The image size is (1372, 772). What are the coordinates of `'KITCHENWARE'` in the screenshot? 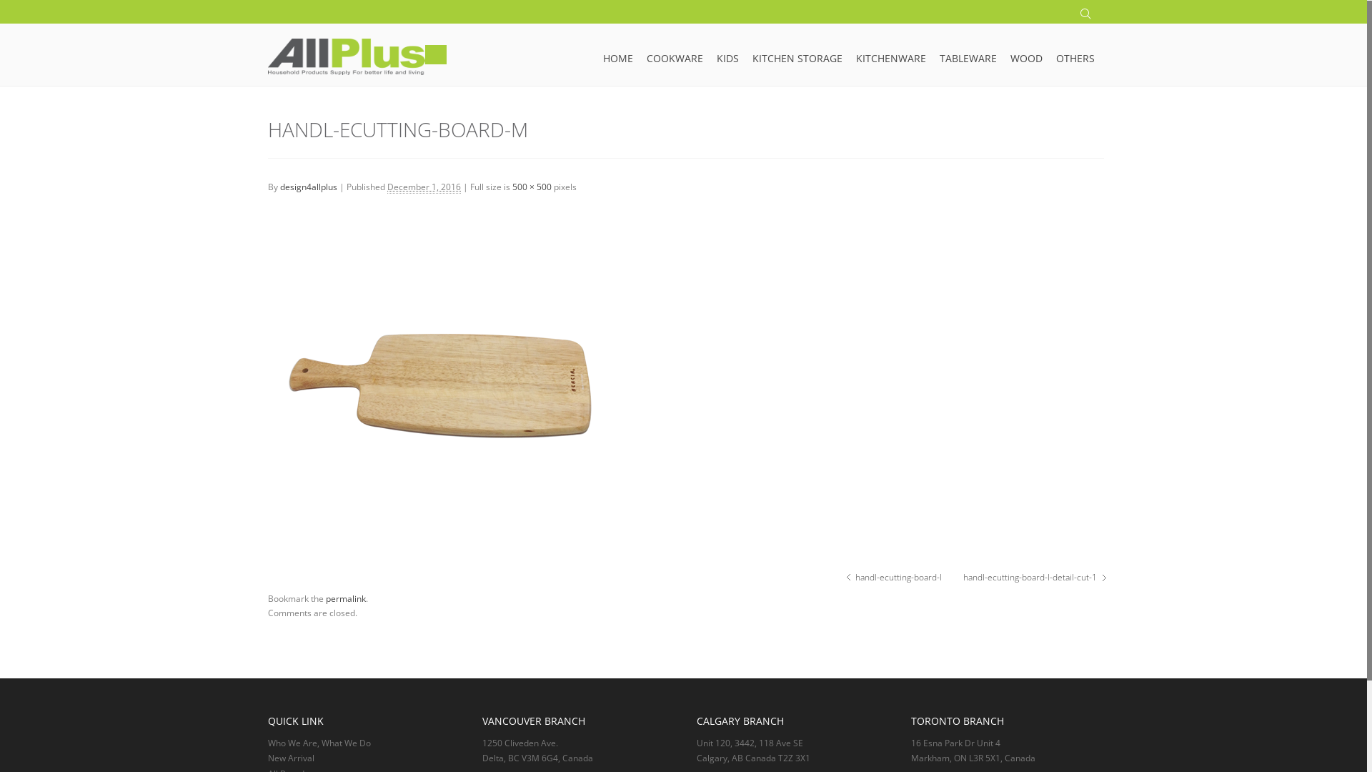 It's located at (890, 49).